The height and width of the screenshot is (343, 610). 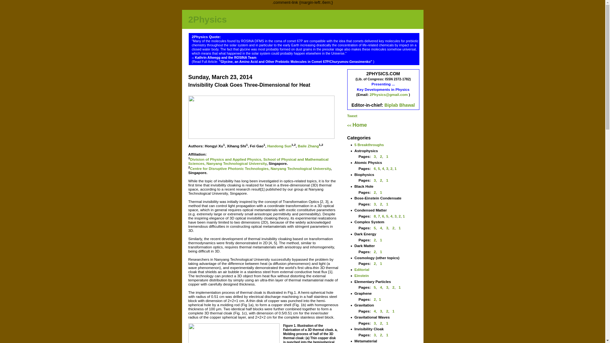 I want to click on '1', so click(x=381, y=263).